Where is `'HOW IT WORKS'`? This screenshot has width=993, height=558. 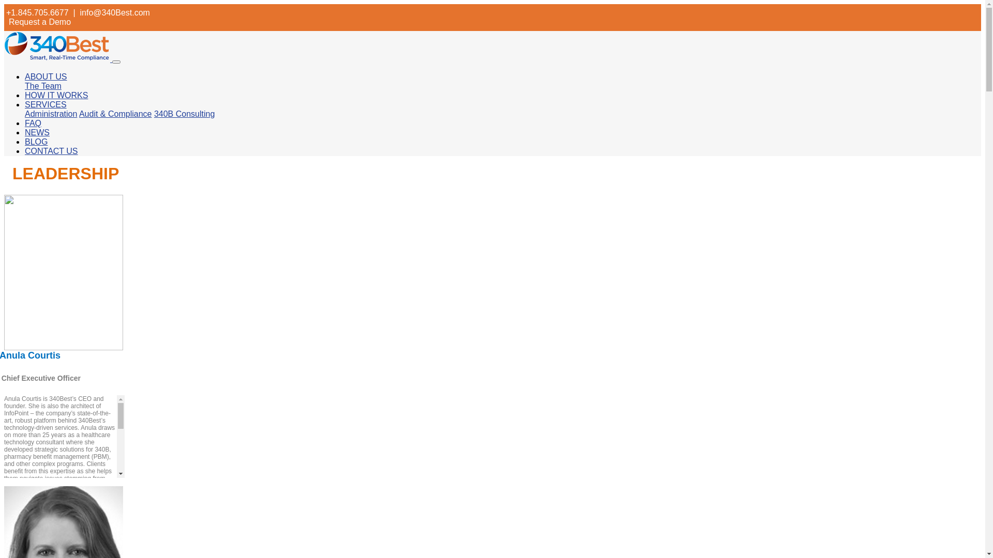 'HOW IT WORKS' is located at coordinates (56, 95).